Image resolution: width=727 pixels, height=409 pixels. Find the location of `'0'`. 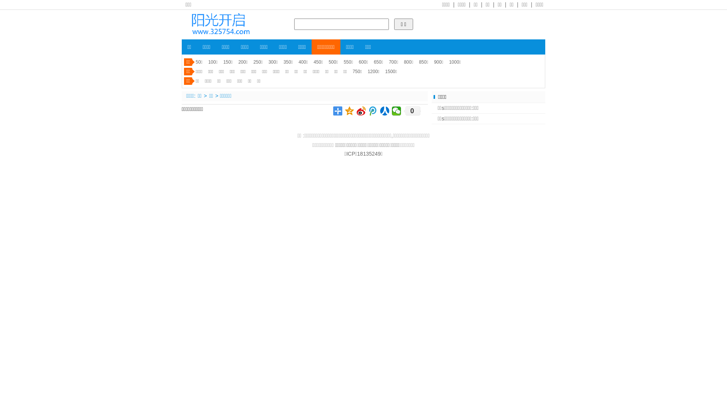

'0' is located at coordinates (412, 111).